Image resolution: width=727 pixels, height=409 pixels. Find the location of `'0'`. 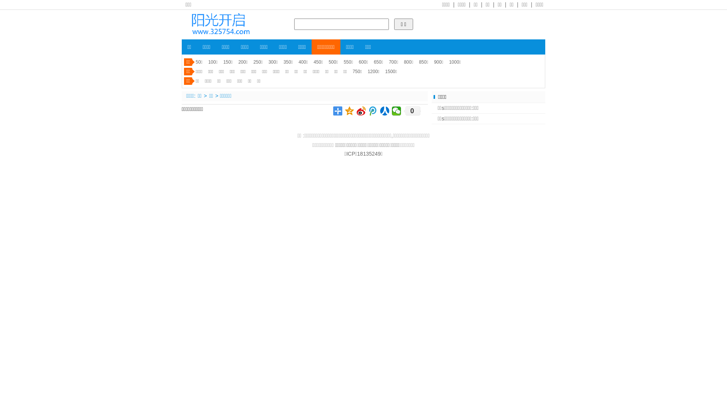

'0' is located at coordinates (412, 111).